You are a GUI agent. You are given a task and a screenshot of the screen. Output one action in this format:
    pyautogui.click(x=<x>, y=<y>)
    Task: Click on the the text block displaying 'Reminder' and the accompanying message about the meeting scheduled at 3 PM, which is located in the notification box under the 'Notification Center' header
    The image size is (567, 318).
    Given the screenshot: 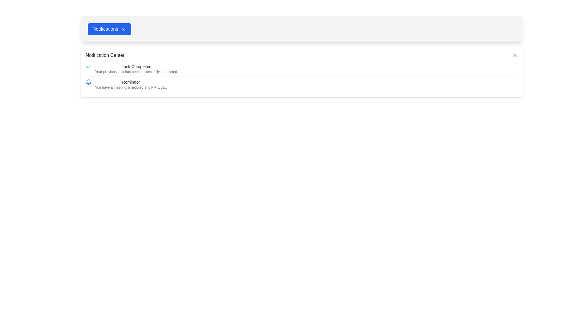 What is the action you would take?
    pyautogui.click(x=131, y=84)
    